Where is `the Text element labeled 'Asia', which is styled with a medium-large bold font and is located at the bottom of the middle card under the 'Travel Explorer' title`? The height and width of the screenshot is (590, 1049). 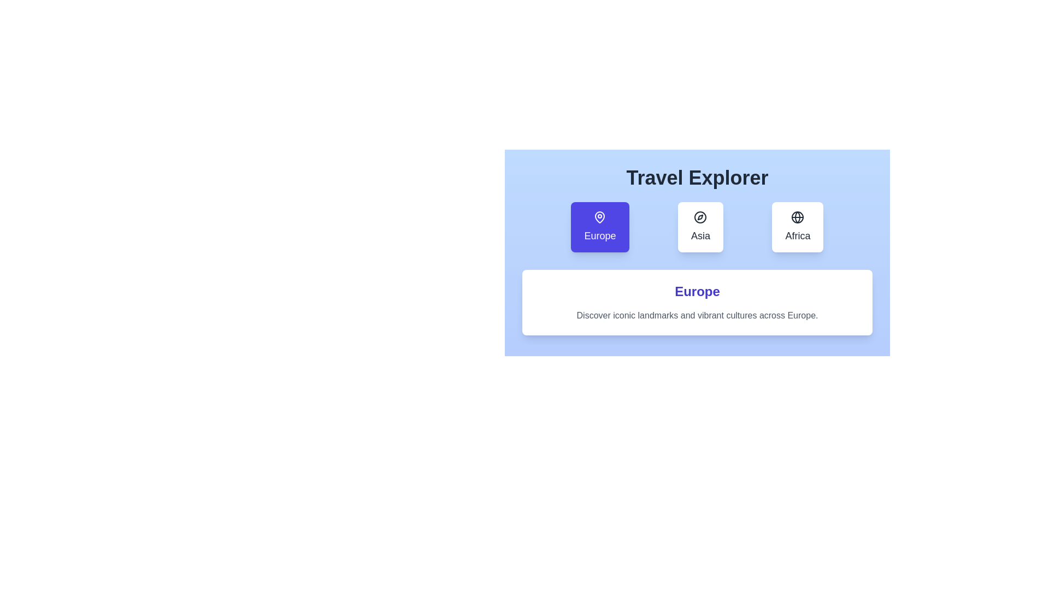
the Text element labeled 'Asia', which is styled with a medium-large bold font and is located at the bottom of the middle card under the 'Travel Explorer' title is located at coordinates (700, 235).